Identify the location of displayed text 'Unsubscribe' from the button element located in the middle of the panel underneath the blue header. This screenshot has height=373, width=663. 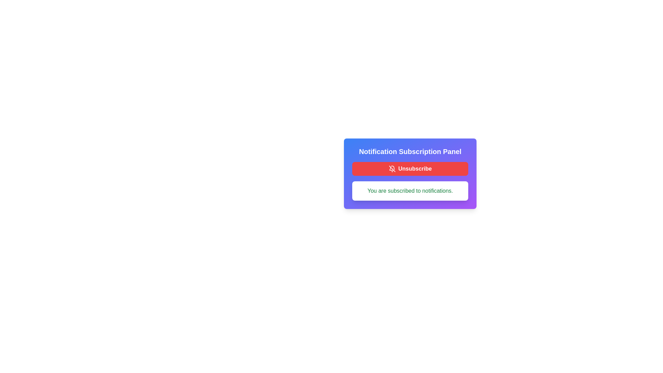
(414, 169).